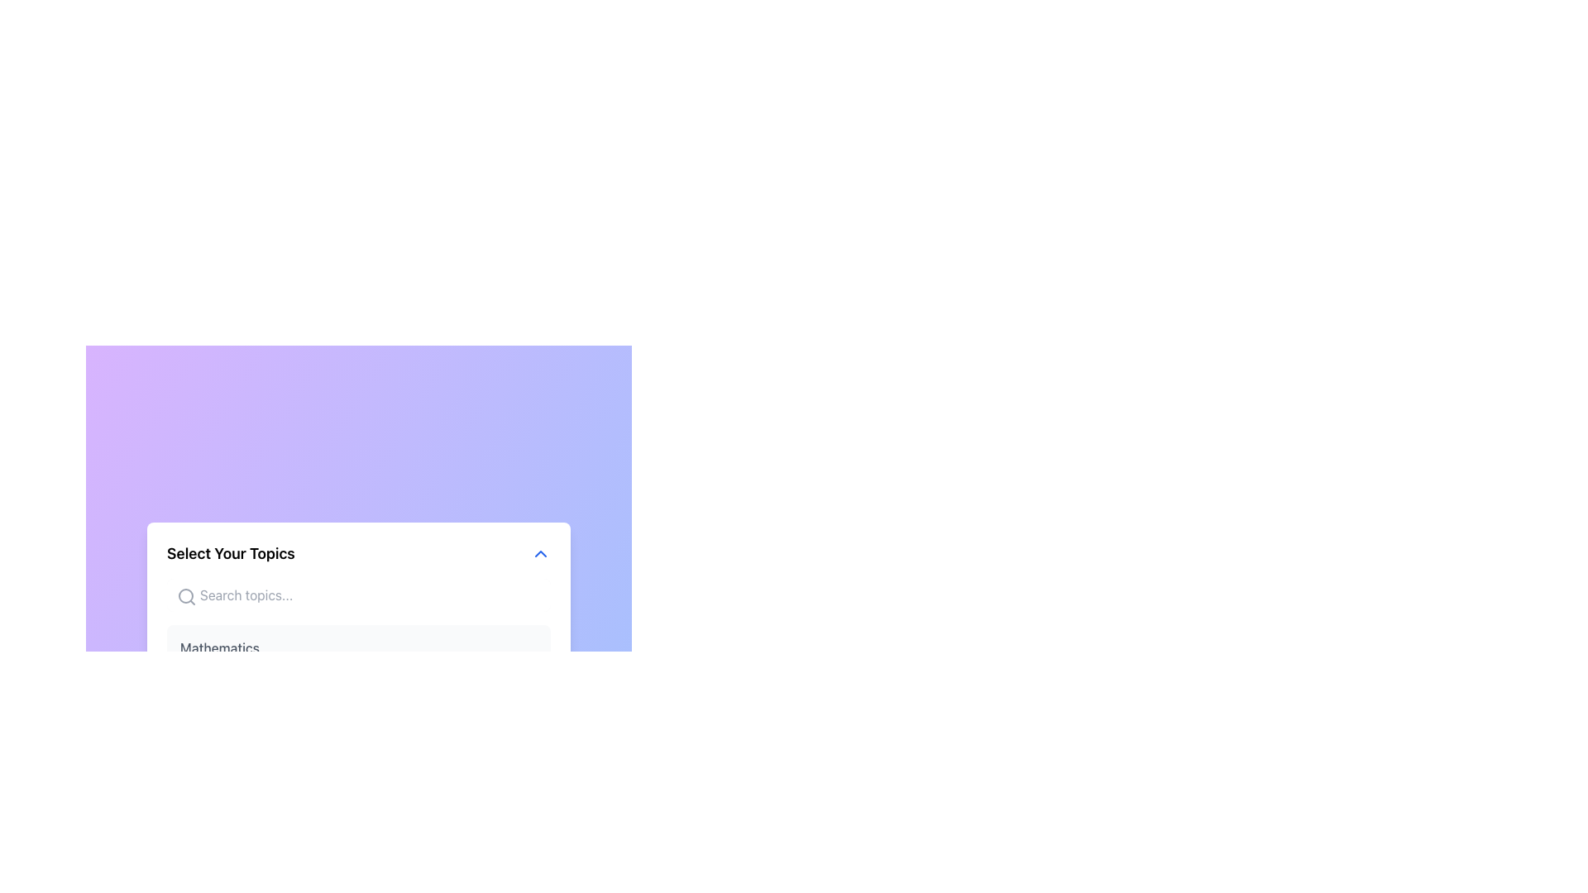 This screenshot has width=1588, height=893. Describe the element at coordinates (230, 554) in the screenshot. I see `the bold text element displaying 'Select Your Topics', which serves as a header for the section` at that location.